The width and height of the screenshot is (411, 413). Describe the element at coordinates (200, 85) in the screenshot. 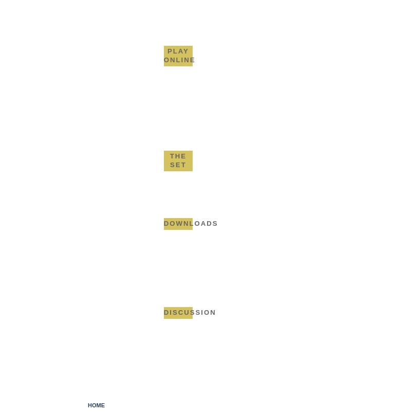

I see `'Where to Play Prevenience Online'` at that location.